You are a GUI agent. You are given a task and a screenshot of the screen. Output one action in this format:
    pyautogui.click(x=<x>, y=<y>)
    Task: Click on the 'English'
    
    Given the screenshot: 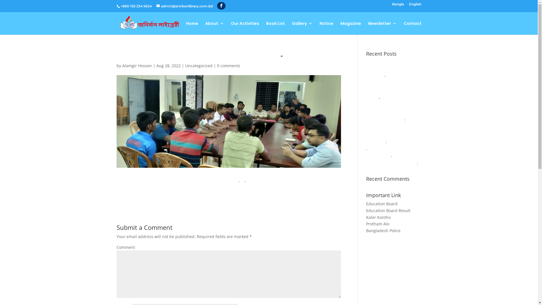 What is the action you would take?
    pyautogui.click(x=415, y=5)
    